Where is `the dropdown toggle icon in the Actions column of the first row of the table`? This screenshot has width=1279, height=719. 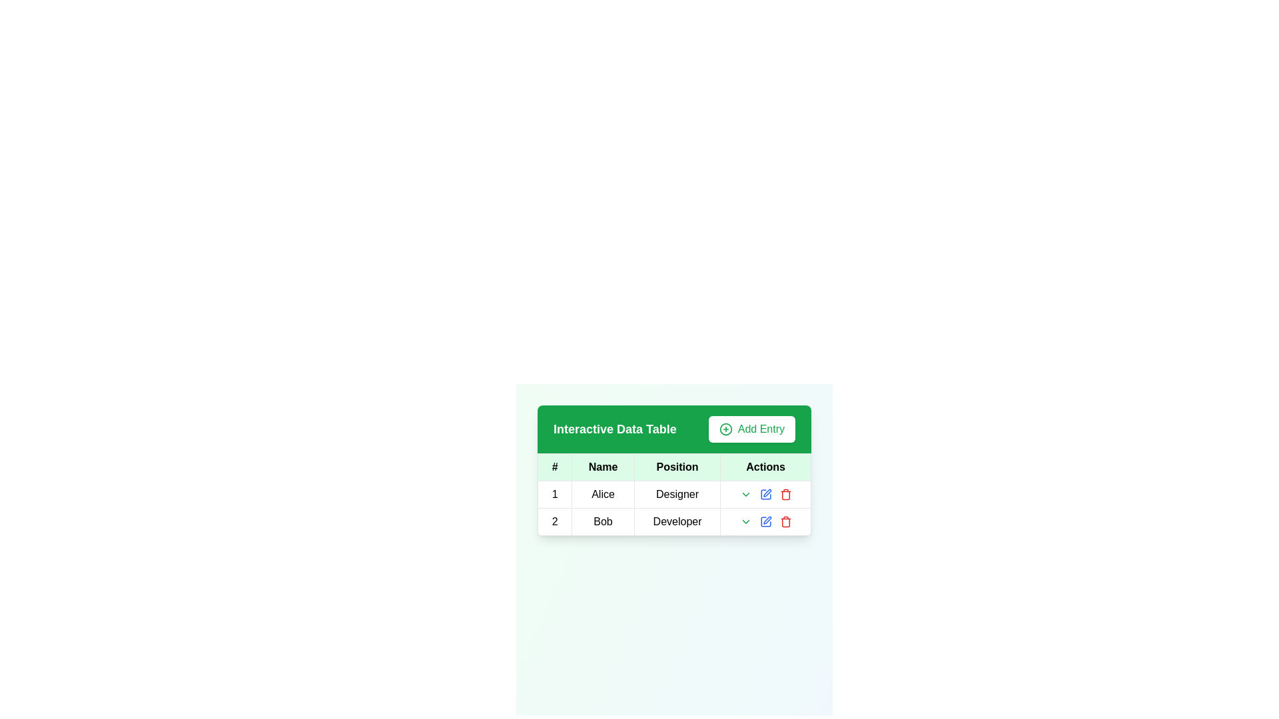
the dropdown toggle icon in the Actions column of the first row of the table is located at coordinates (745, 495).